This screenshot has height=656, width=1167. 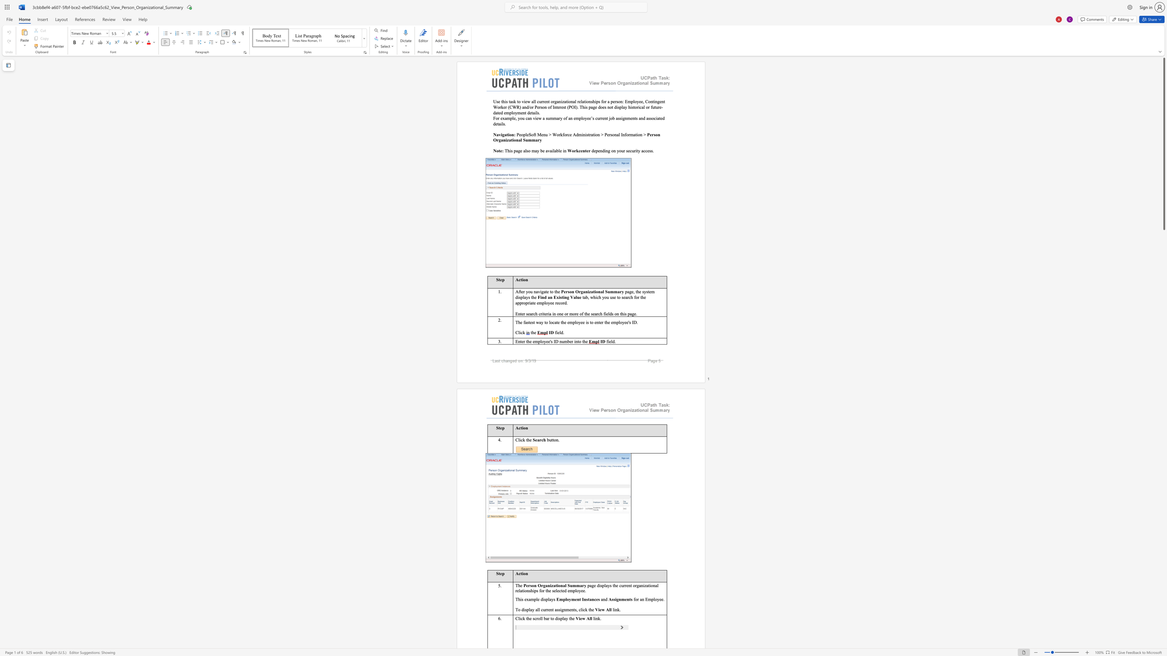 I want to click on the subset text "n Employee. To display all current assignments, clic" within the text "for an Employee. To display all current assignments, click the", so click(x=641, y=599).